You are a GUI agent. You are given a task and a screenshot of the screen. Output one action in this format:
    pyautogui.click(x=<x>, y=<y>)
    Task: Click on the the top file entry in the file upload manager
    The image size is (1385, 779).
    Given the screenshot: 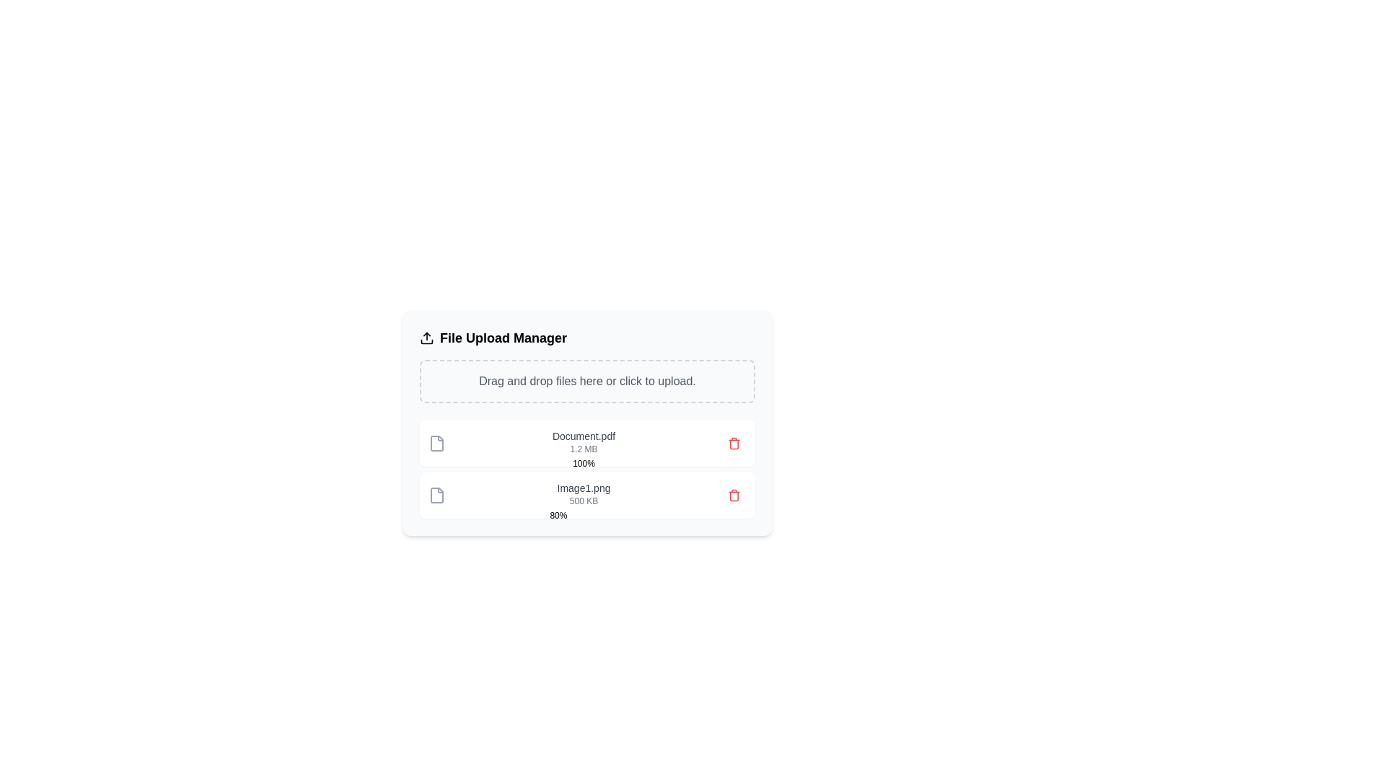 What is the action you would take?
    pyautogui.click(x=587, y=442)
    